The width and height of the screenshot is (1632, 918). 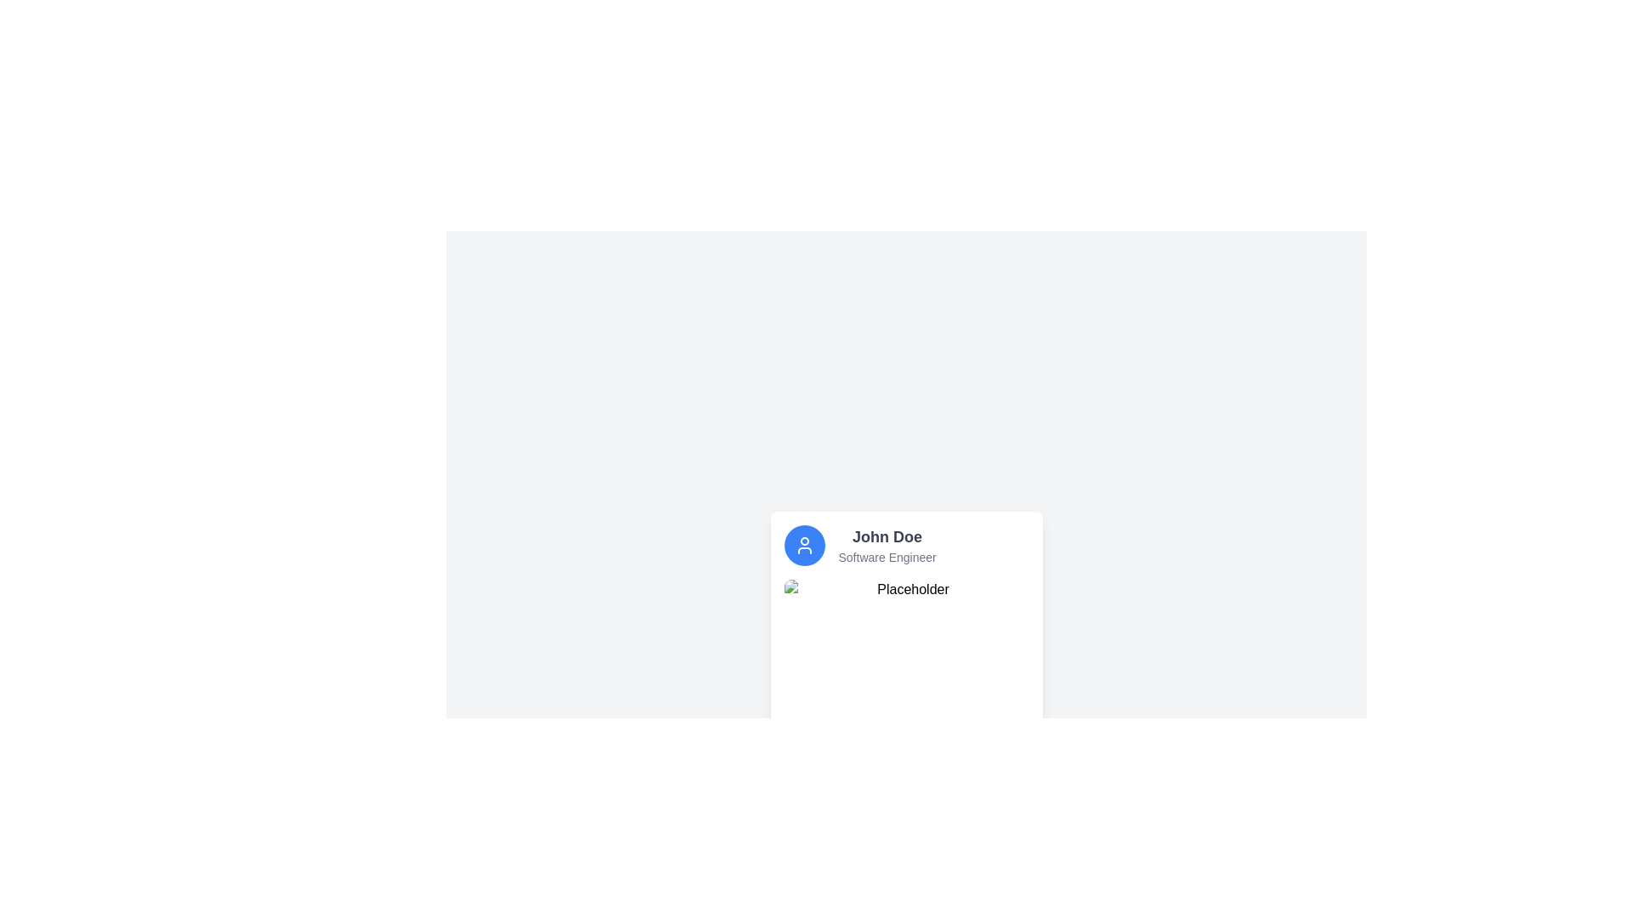 What do you see at coordinates (803, 545) in the screenshot?
I see `the circular blue button with a white user icon, which is positioned to the left of the text 'John Doe' and 'Software Engineer'` at bounding box center [803, 545].